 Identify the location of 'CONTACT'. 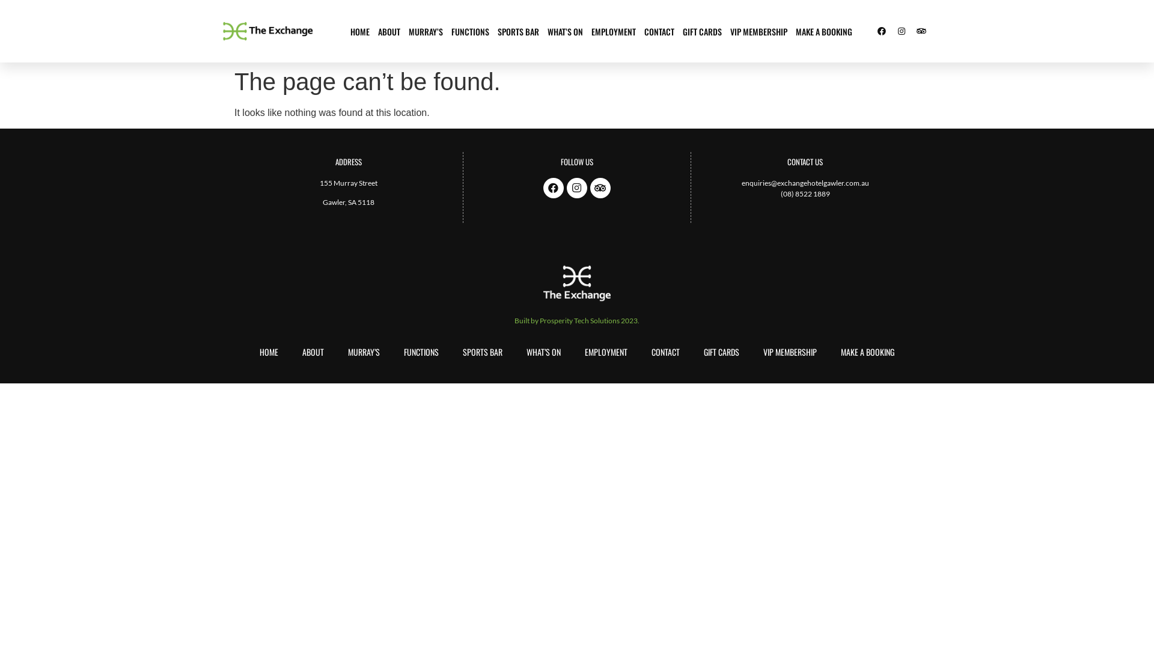
(643, 31).